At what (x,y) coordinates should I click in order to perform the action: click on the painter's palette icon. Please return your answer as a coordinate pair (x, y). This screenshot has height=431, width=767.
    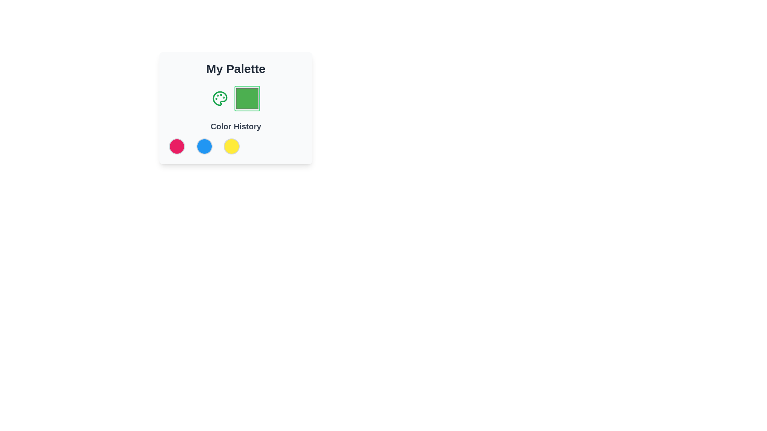
    Looking at the image, I should click on (220, 98).